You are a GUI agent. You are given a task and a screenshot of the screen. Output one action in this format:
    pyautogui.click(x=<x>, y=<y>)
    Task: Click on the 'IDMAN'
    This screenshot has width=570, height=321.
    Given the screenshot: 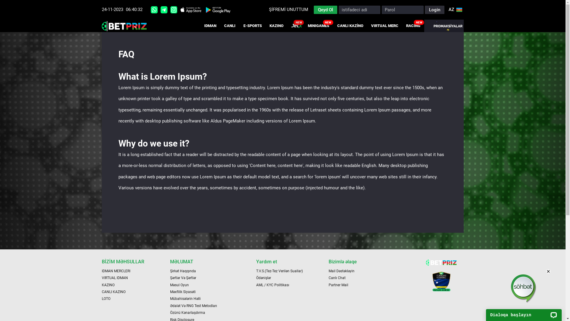 What is the action you would take?
    pyautogui.click(x=210, y=26)
    